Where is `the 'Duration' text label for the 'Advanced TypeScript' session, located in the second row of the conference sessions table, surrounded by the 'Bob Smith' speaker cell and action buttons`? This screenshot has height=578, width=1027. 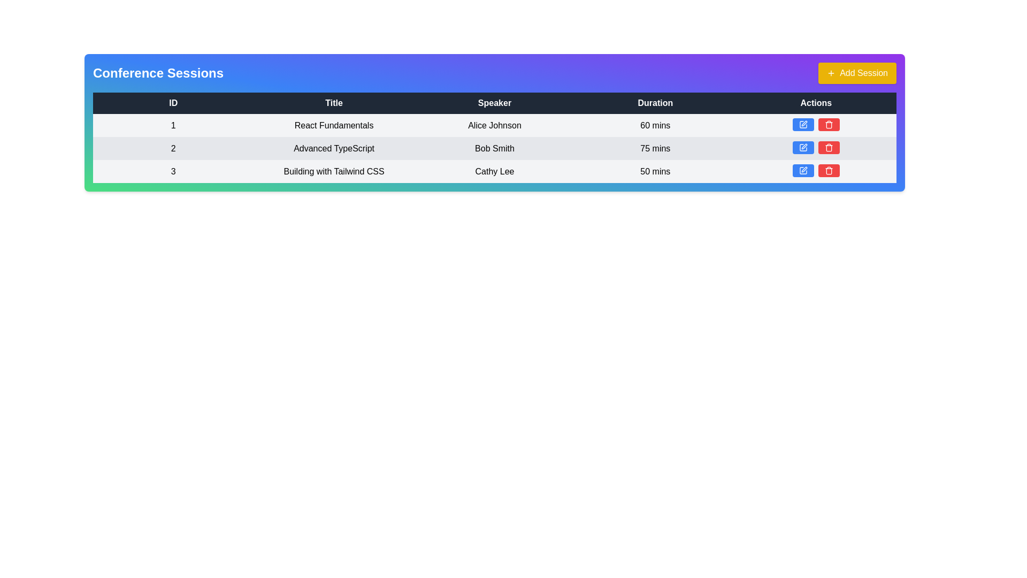 the 'Duration' text label for the 'Advanced TypeScript' session, located in the second row of the conference sessions table, surrounded by the 'Bob Smith' speaker cell and action buttons is located at coordinates (655, 148).